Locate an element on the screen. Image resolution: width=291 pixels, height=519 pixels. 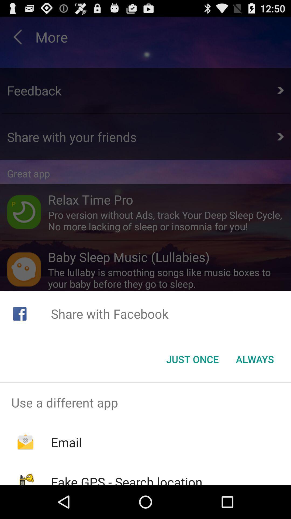
the icon below the use a different icon is located at coordinates (66, 442).